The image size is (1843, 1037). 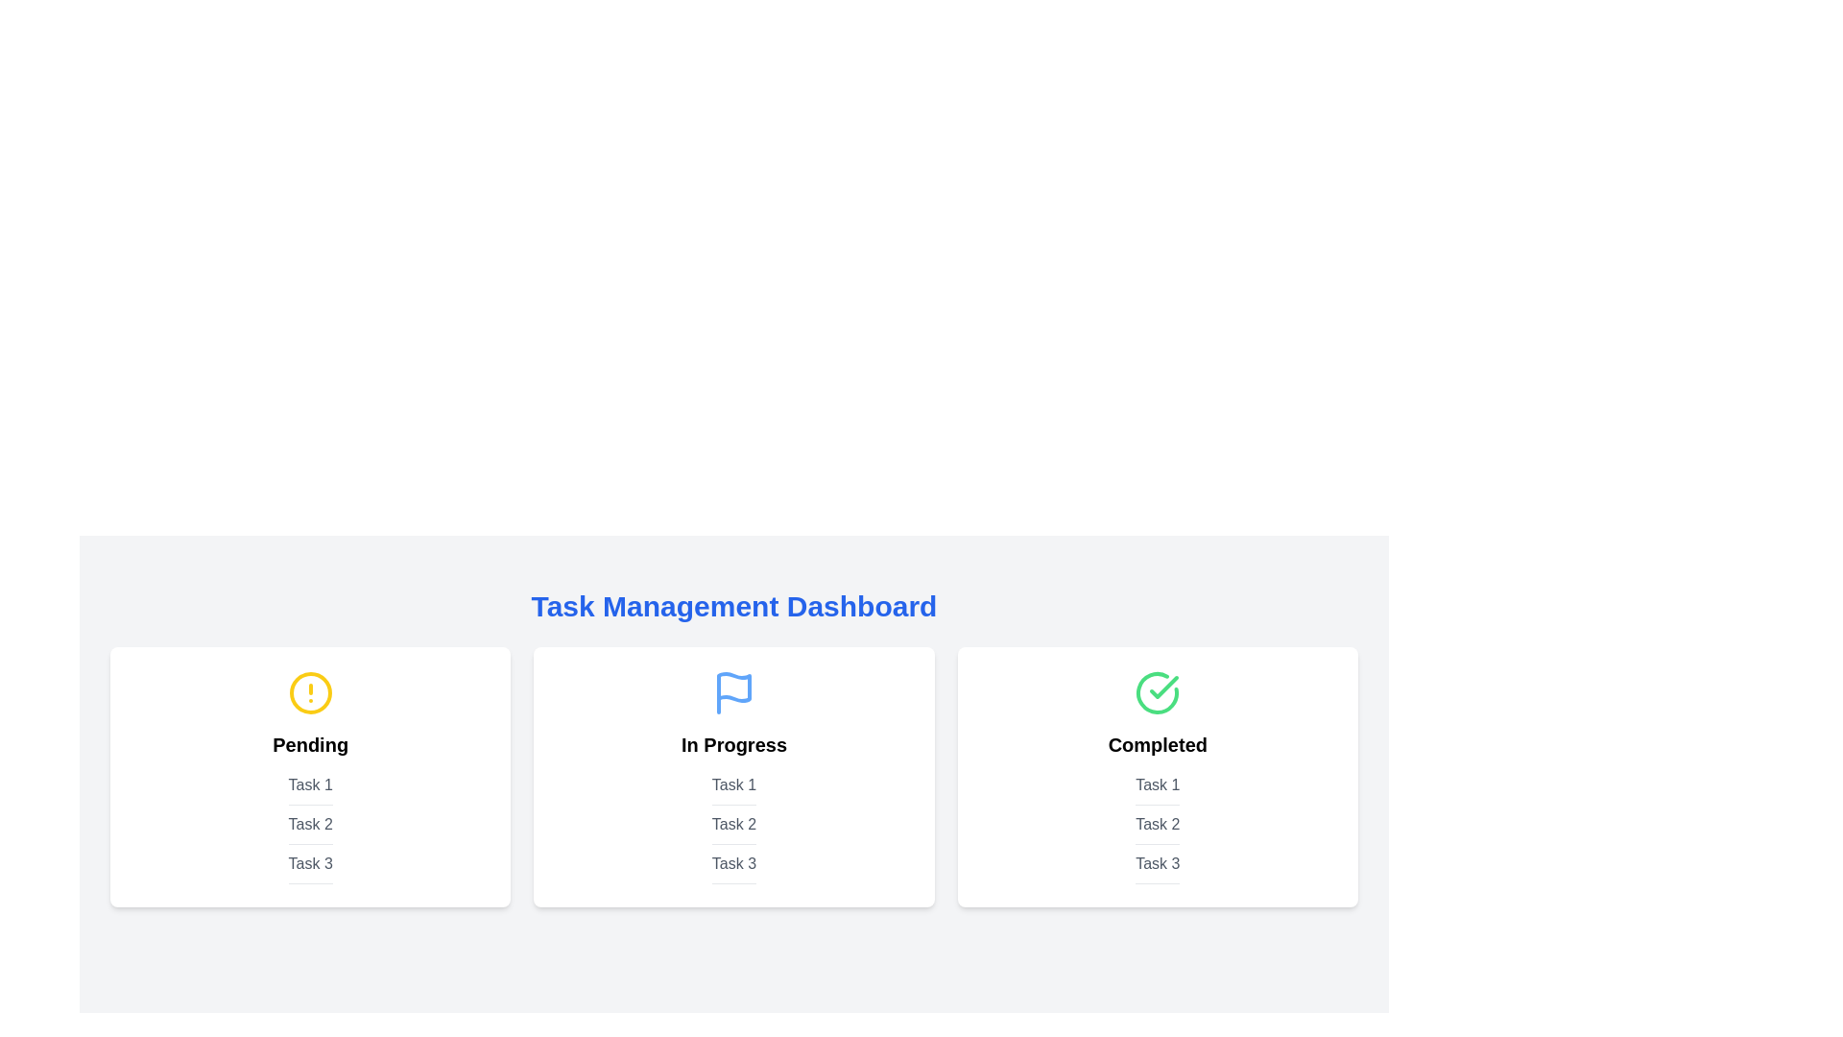 What do you see at coordinates (1157, 868) in the screenshot?
I see `the text label 'Task 3' in the 'Completed' section of the Task Management Dashboard` at bounding box center [1157, 868].